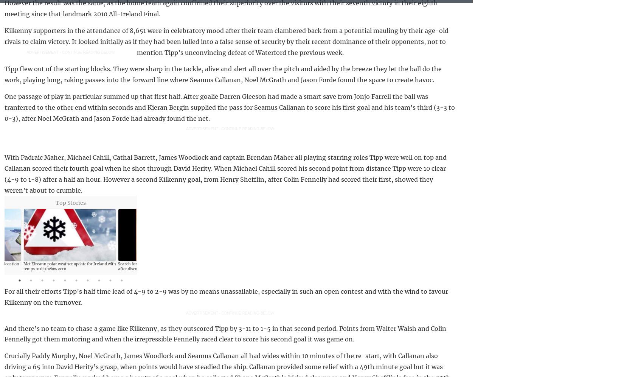  What do you see at coordinates (225, 173) in the screenshot?
I see `'With Padraic Maher, Michael Cahill, Cathal Barrett, James Woodlock and captain Brendan Maher all playing starring roles Tipp were well on top and Callanan scored their fourth goal when he shot through David Herity. When Michael Cahill scored his second point from distance Tipp were 10 clear (4-9 to 1-8) after a half an hour. However a second Kilkenny goal, from Henry Shefflin, after Colin Fennelly had scored their first, showed they weren’t about to crumble.'` at bounding box center [225, 173].